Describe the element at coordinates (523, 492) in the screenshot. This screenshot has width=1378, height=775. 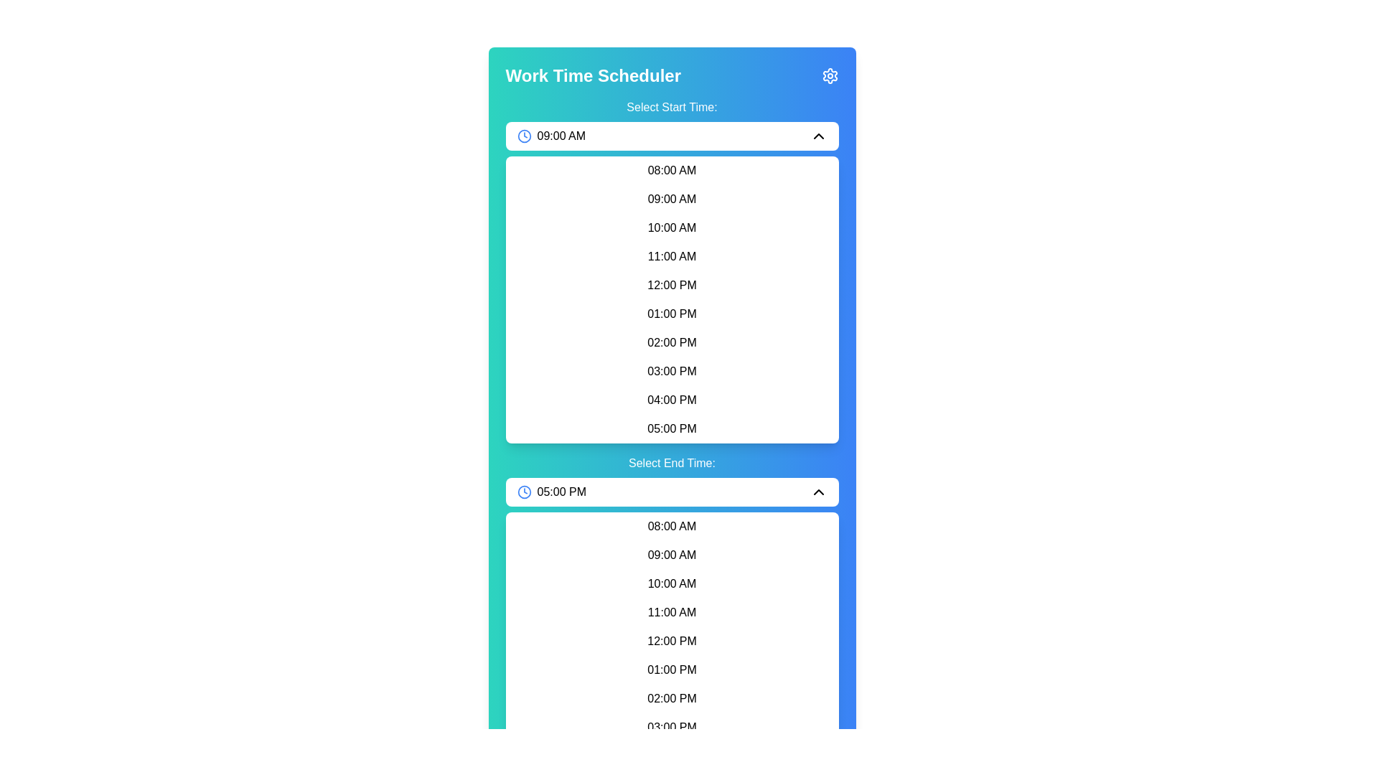
I see `the small blue clock icon located to the left of the time text '05:00 PM' in the bottom section of the application` at that location.